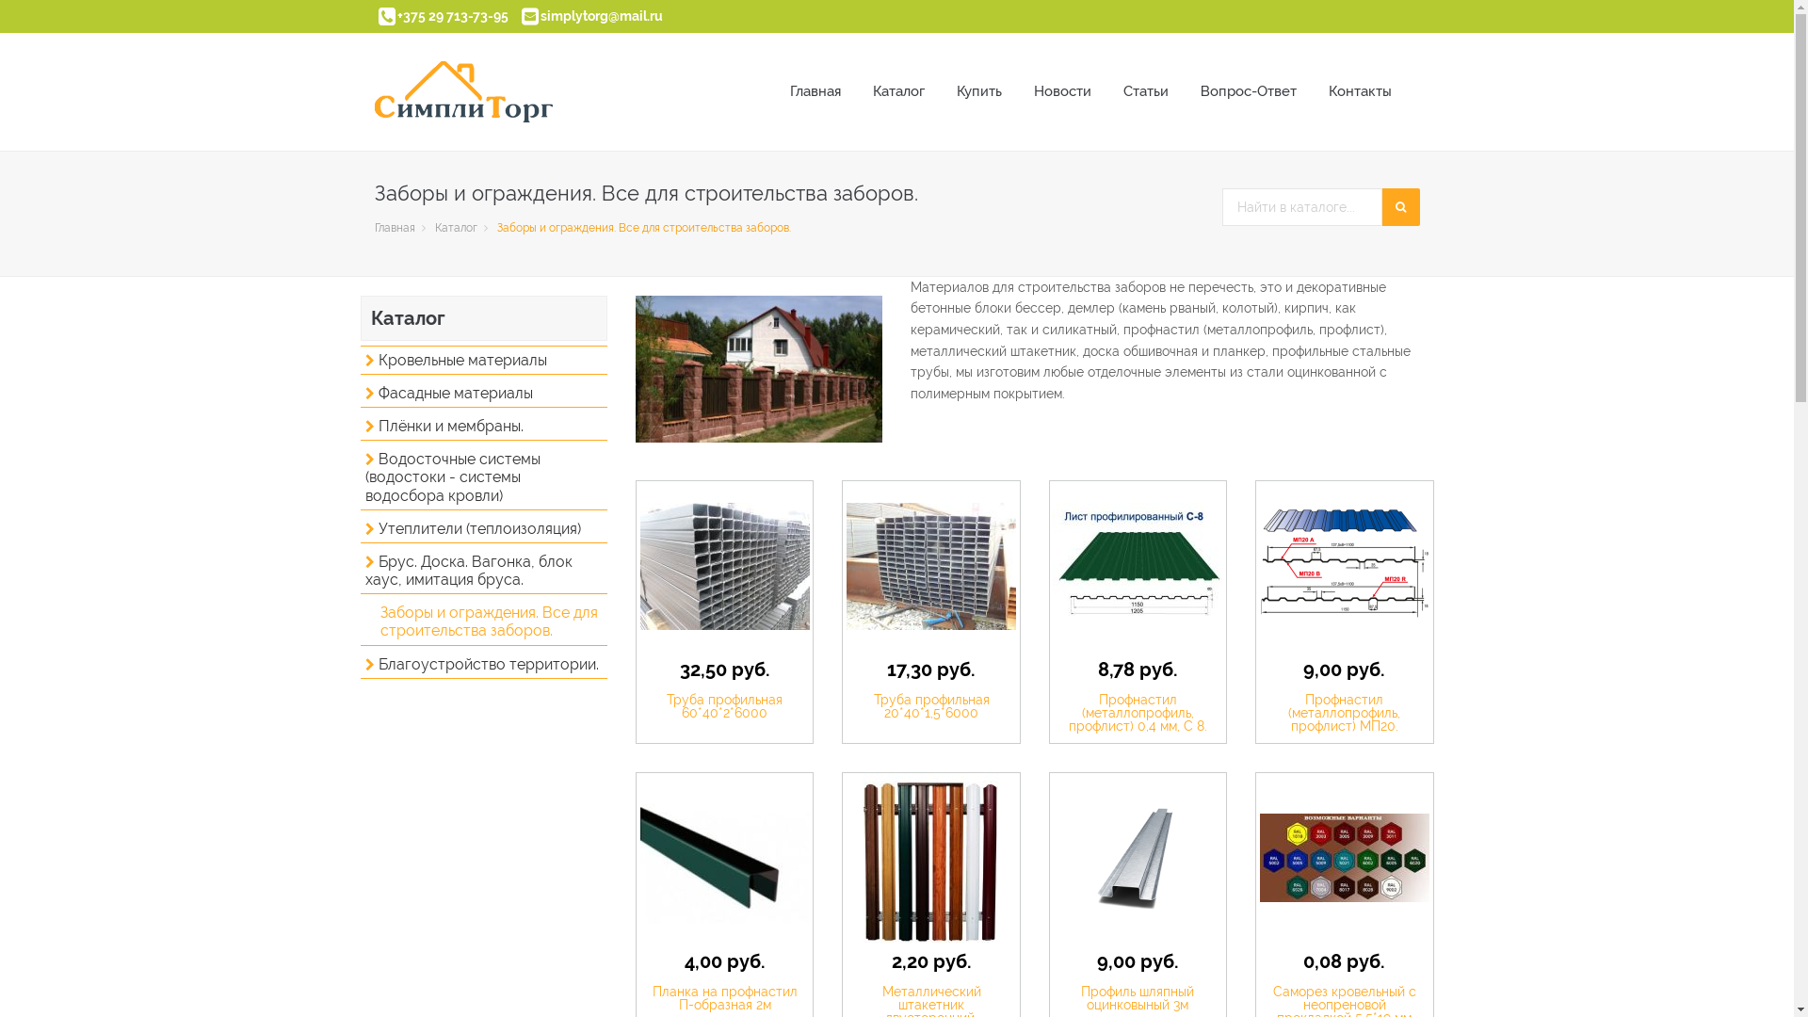 This screenshot has height=1017, width=1808. Describe the element at coordinates (600, 15) in the screenshot. I see `'simplytorg@mail.ru'` at that location.